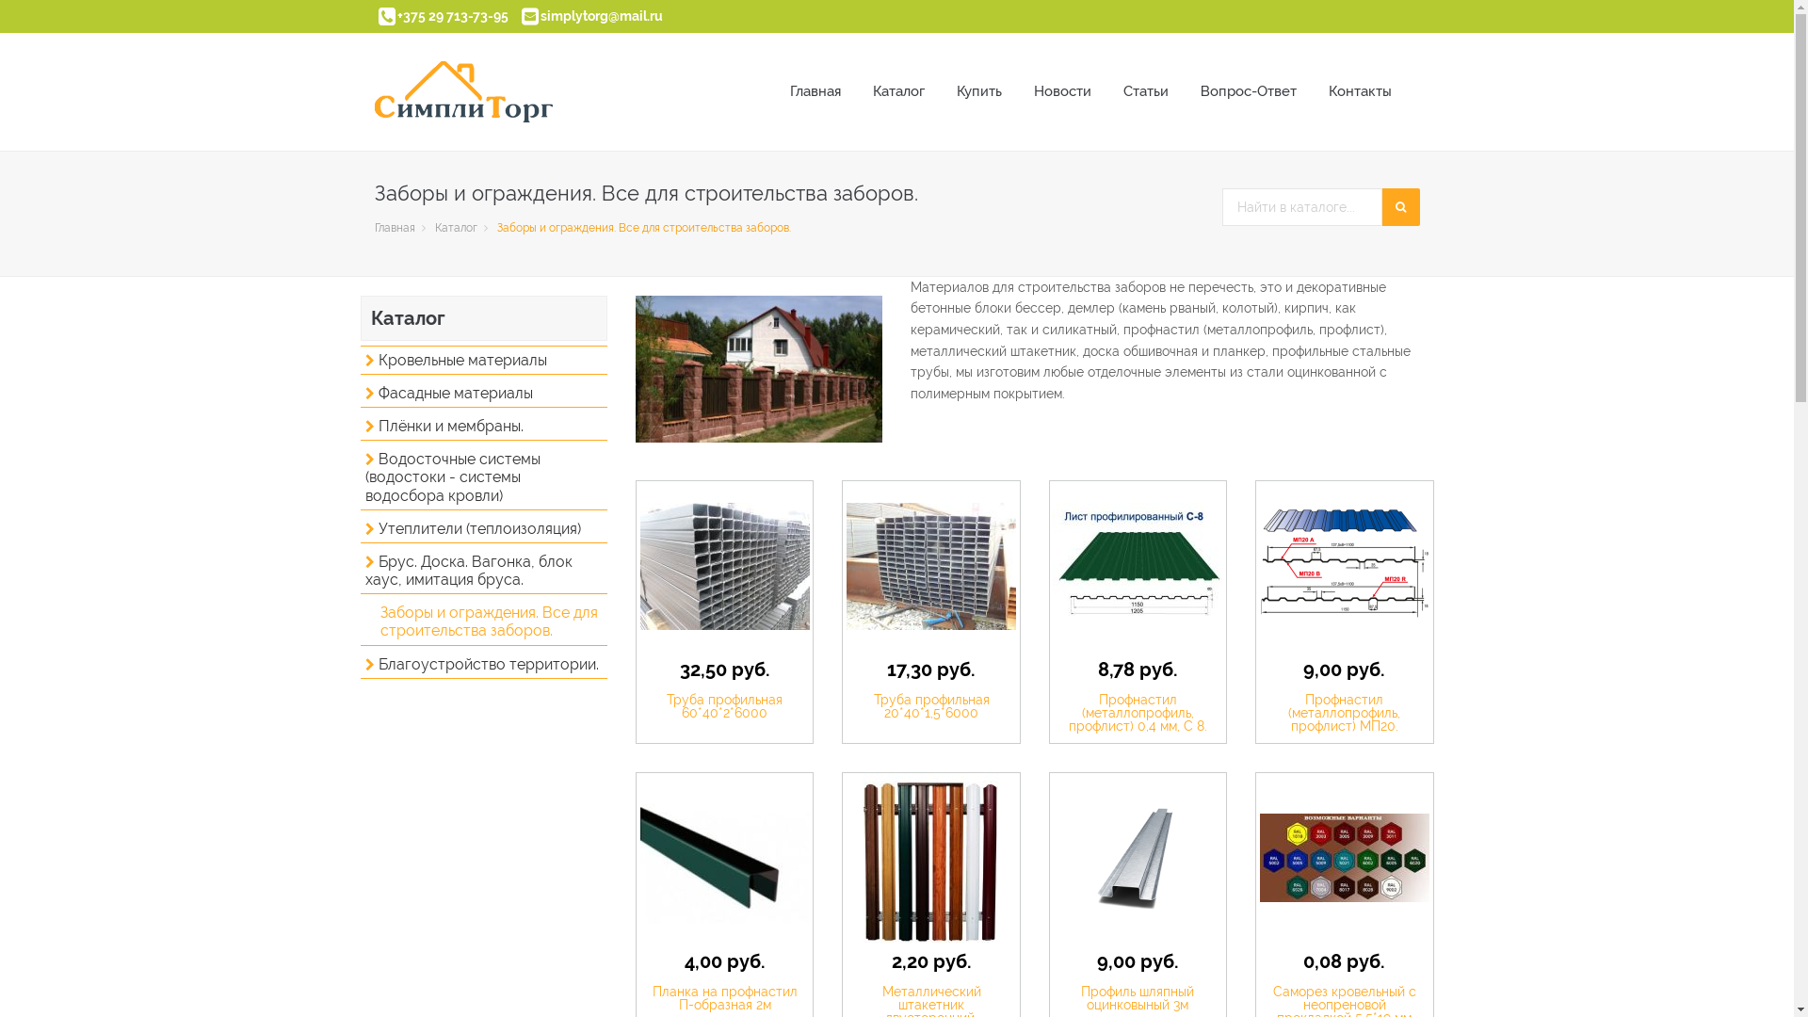 This screenshot has height=1017, width=1808. Describe the element at coordinates (600, 15) in the screenshot. I see `'simplytorg@mail.ru'` at that location.